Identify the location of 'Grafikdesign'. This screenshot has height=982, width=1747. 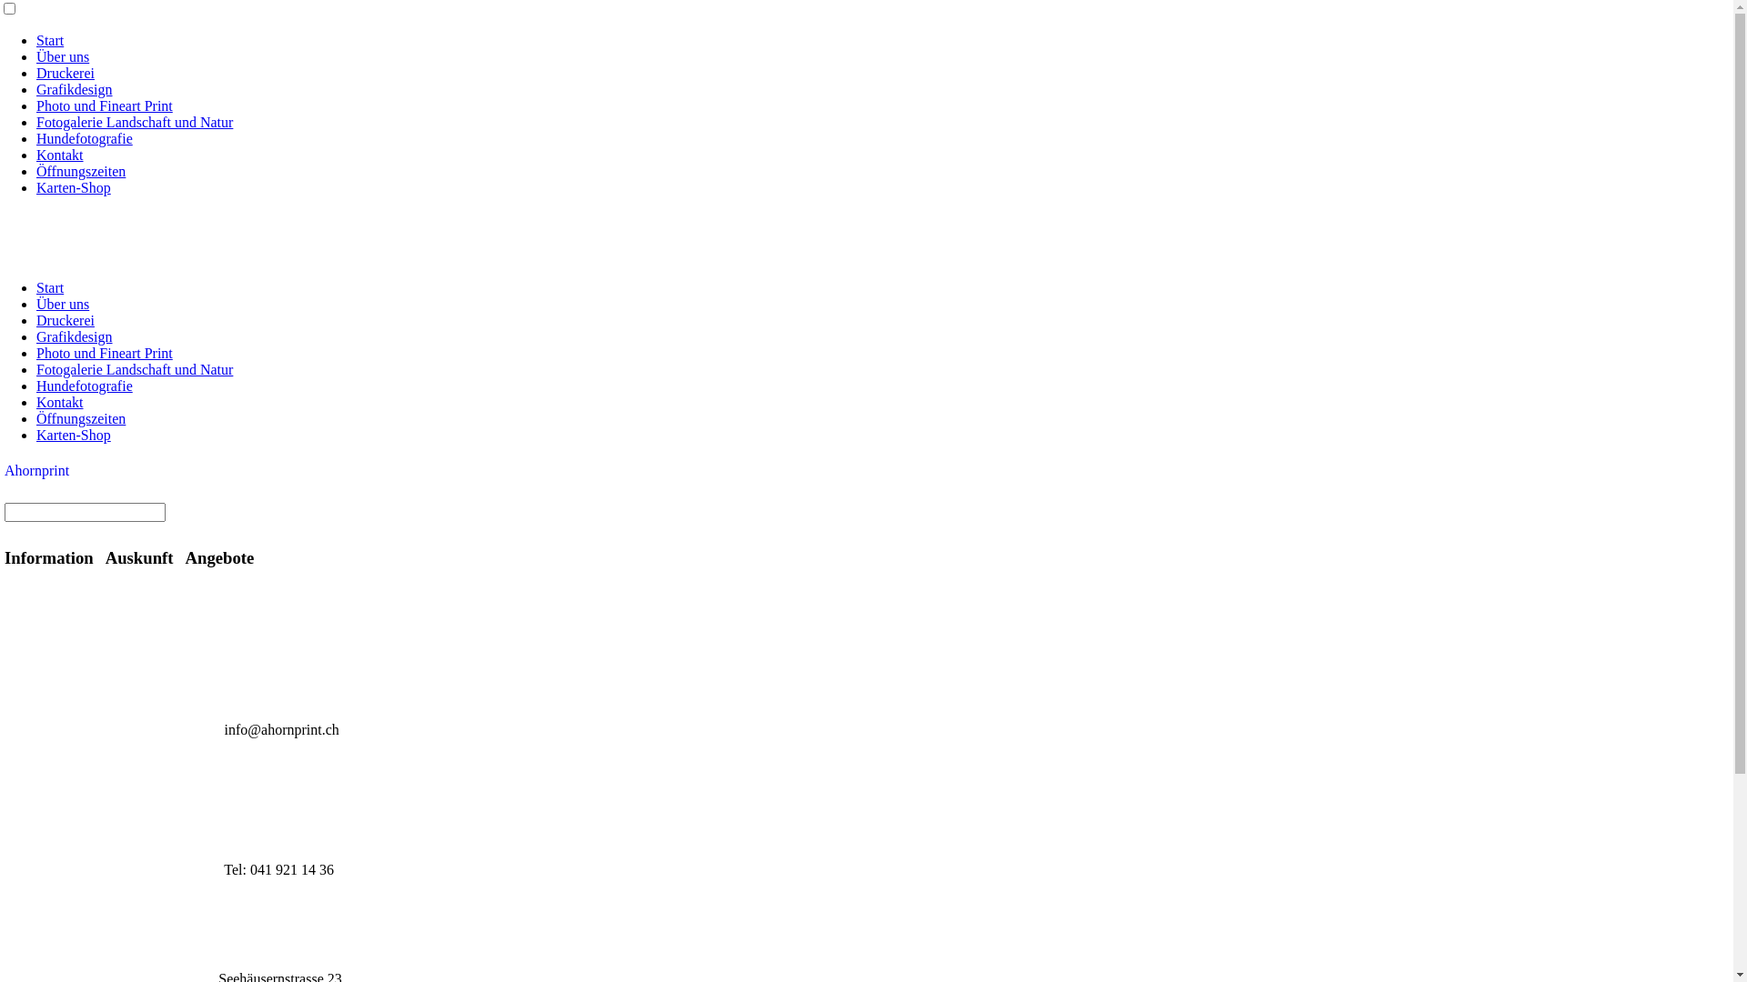
(35, 89).